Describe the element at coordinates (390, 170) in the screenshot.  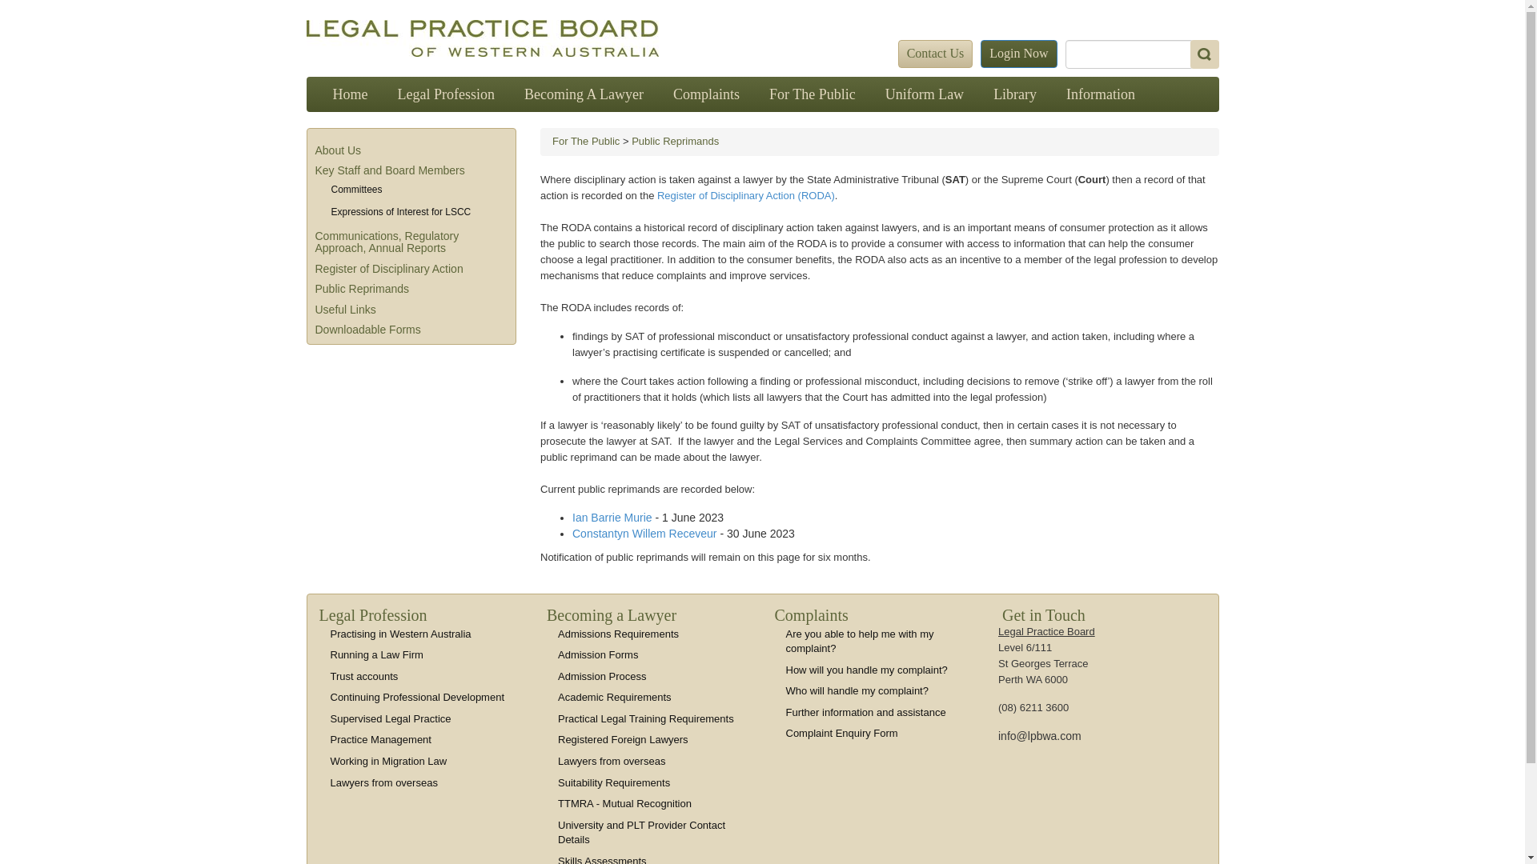
I see `'Key Staff and Board Members'` at that location.